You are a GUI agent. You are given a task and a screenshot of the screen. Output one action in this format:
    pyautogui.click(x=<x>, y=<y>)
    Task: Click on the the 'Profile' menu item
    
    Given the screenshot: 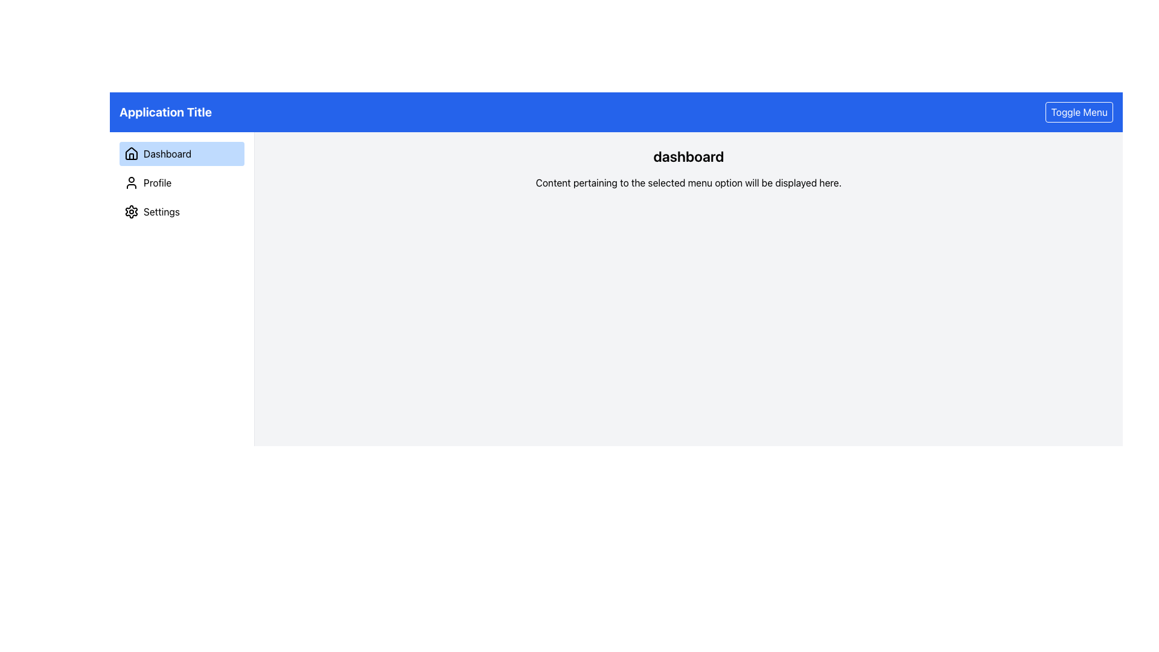 What is the action you would take?
    pyautogui.click(x=181, y=183)
    